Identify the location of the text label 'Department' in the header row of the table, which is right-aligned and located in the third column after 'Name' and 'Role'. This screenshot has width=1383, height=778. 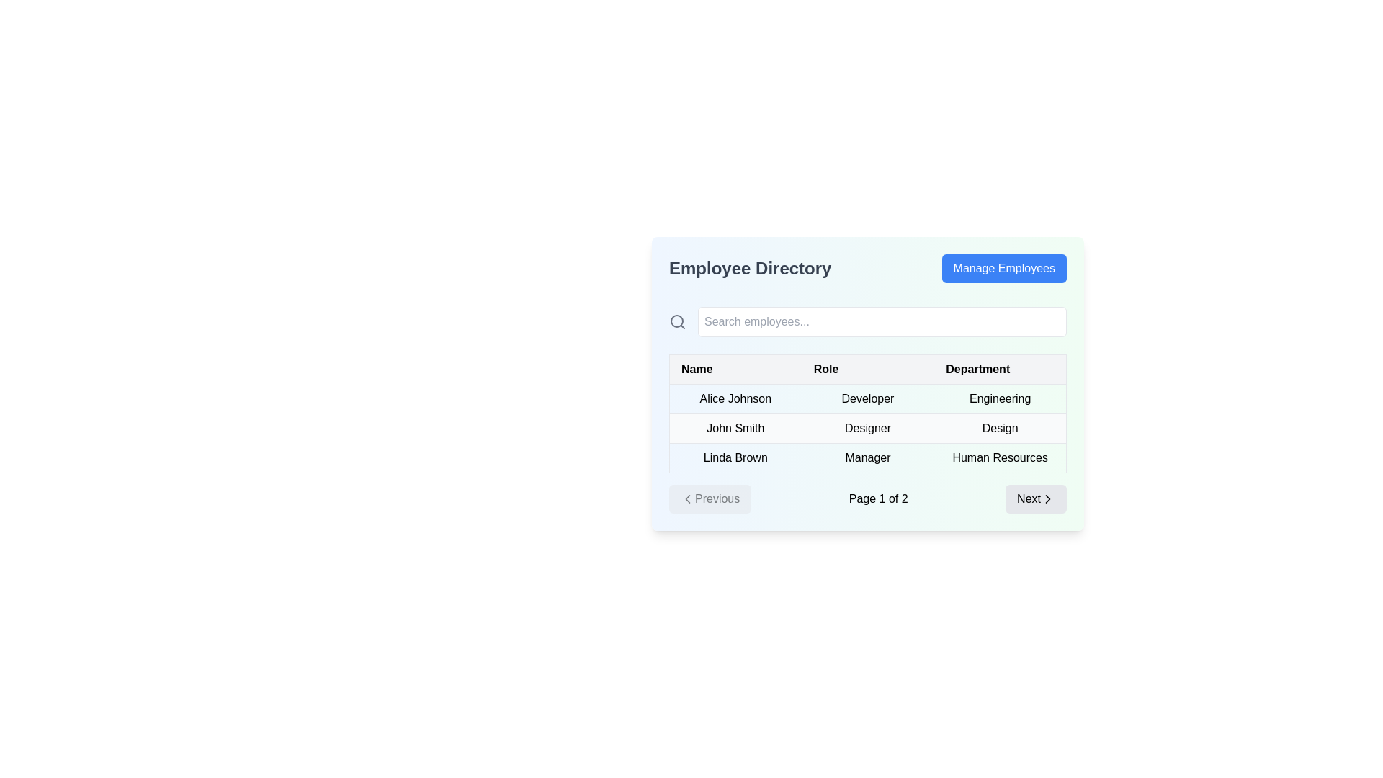
(999, 369).